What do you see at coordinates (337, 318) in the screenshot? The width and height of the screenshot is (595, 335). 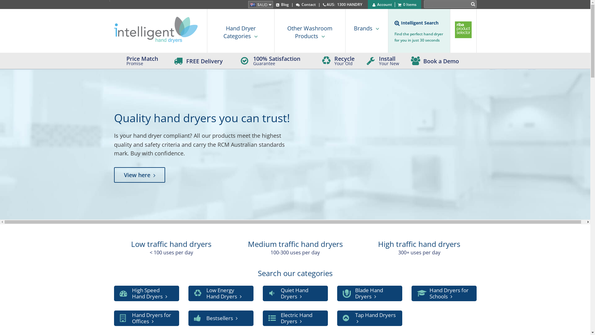 I see `'Tap Hand Dryers'` at bounding box center [337, 318].